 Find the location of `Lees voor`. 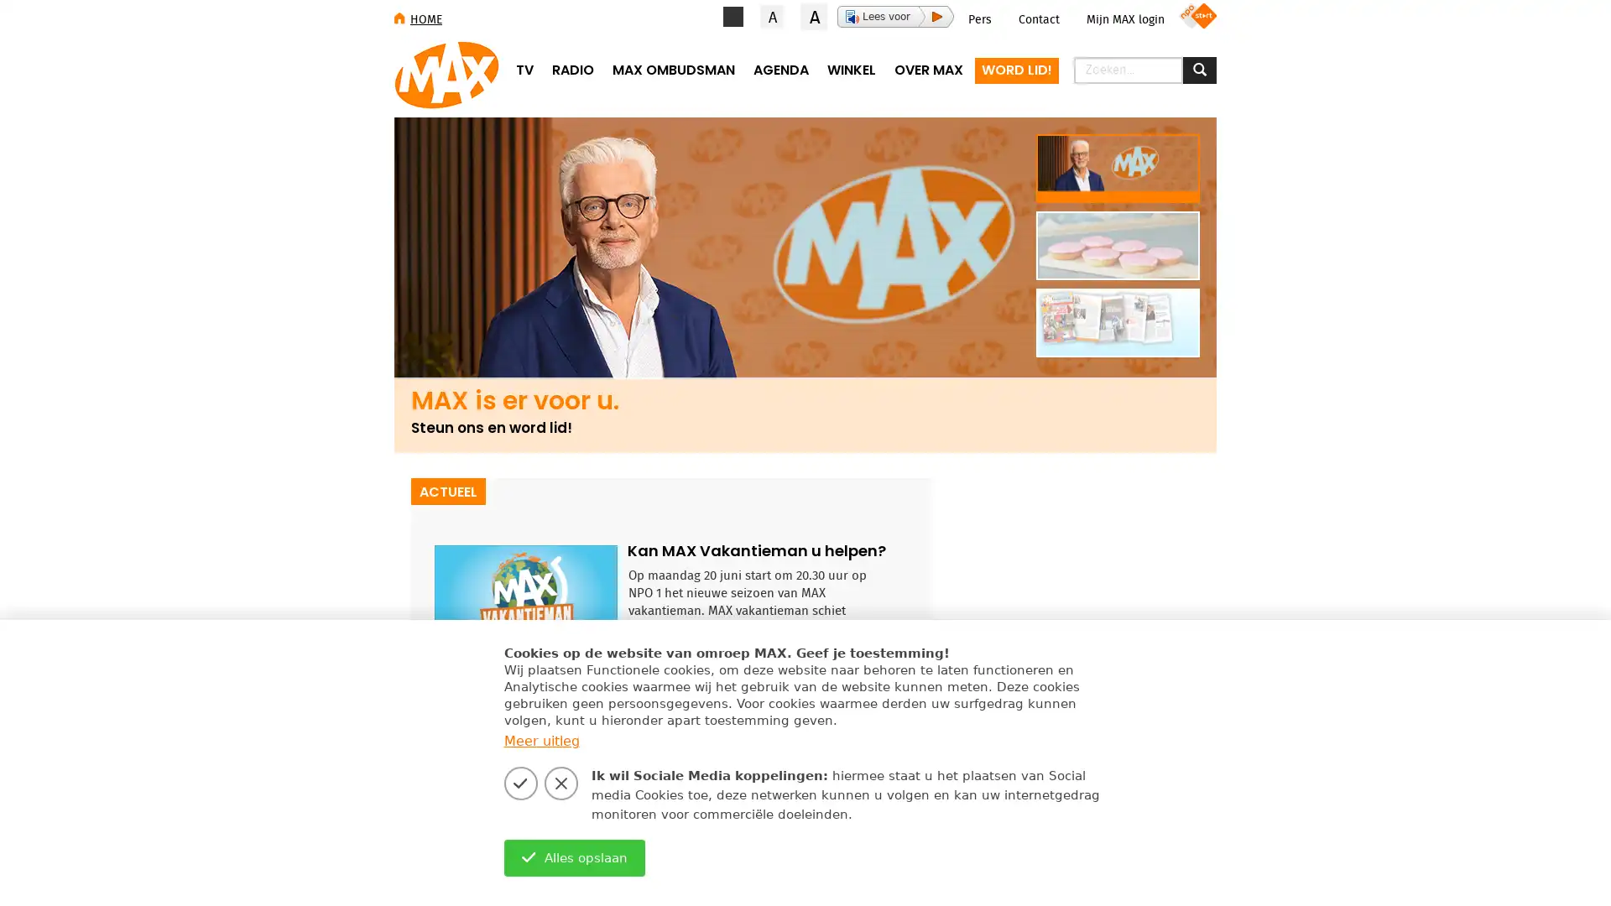

Lees voor is located at coordinates (894, 16).